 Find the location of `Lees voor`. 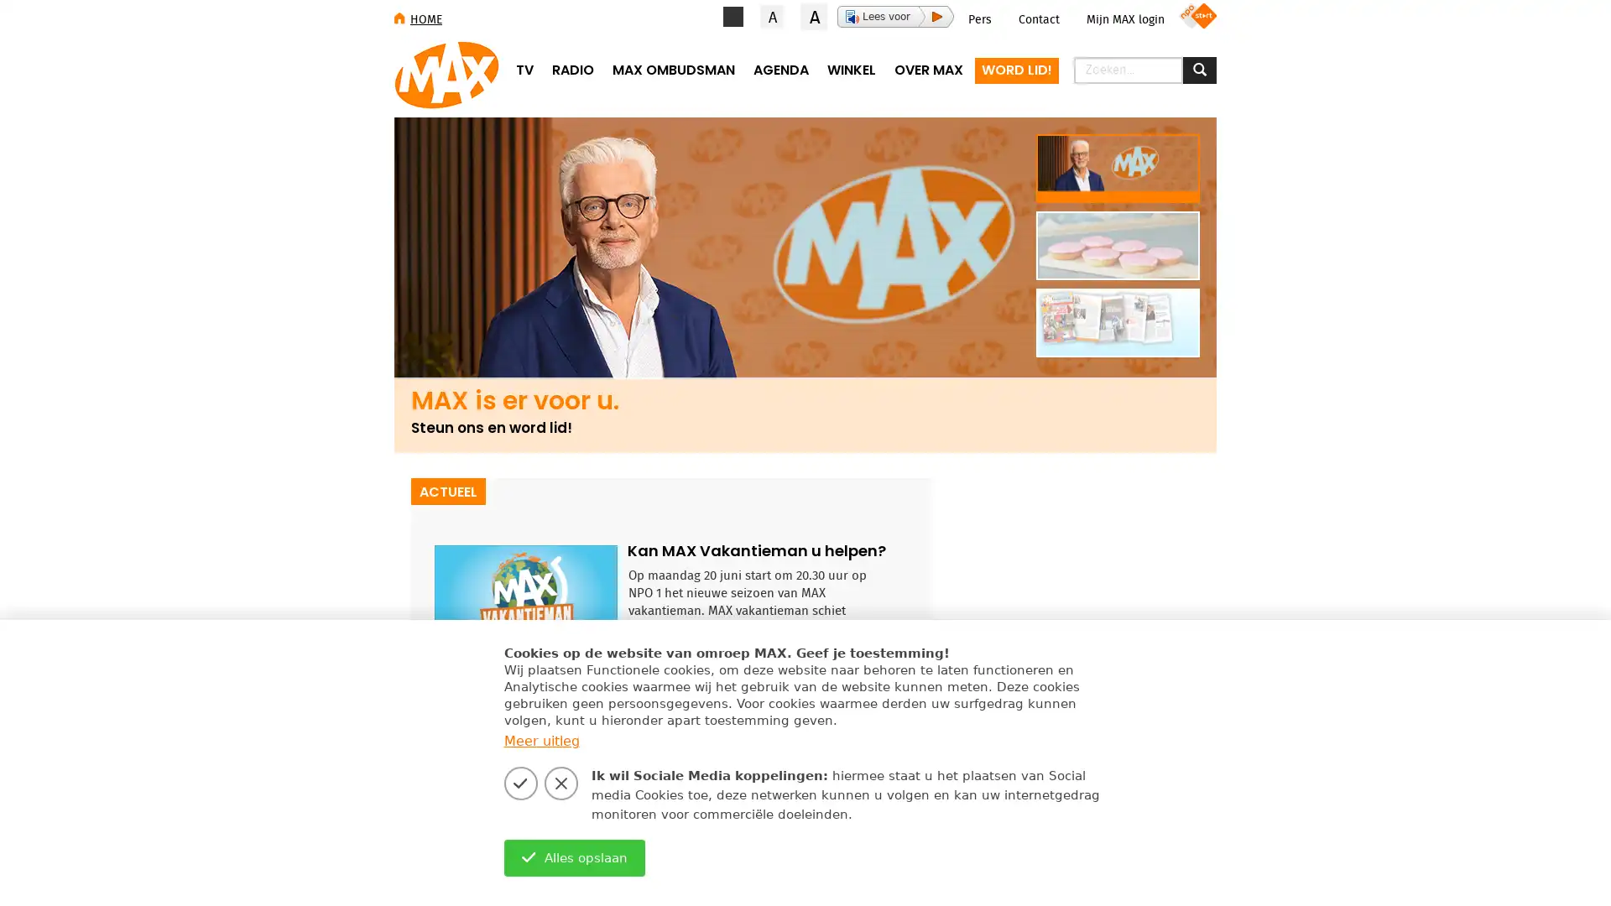

Lees voor is located at coordinates (894, 16).